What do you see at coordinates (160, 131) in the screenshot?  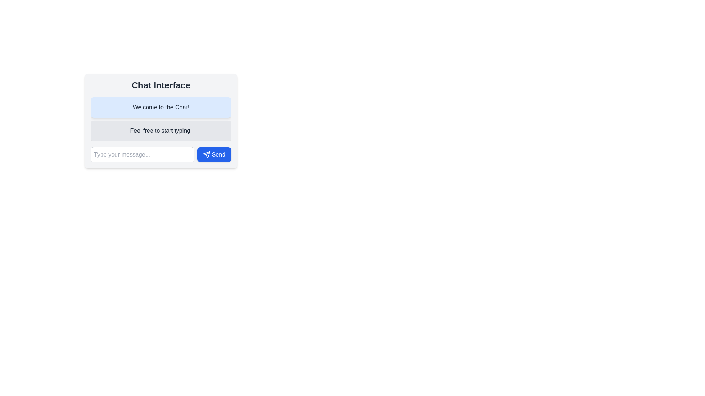 I see `guidance text block located below the 'Welcome to the Chat!' section and above the input area` at bounding box center [160, 131].